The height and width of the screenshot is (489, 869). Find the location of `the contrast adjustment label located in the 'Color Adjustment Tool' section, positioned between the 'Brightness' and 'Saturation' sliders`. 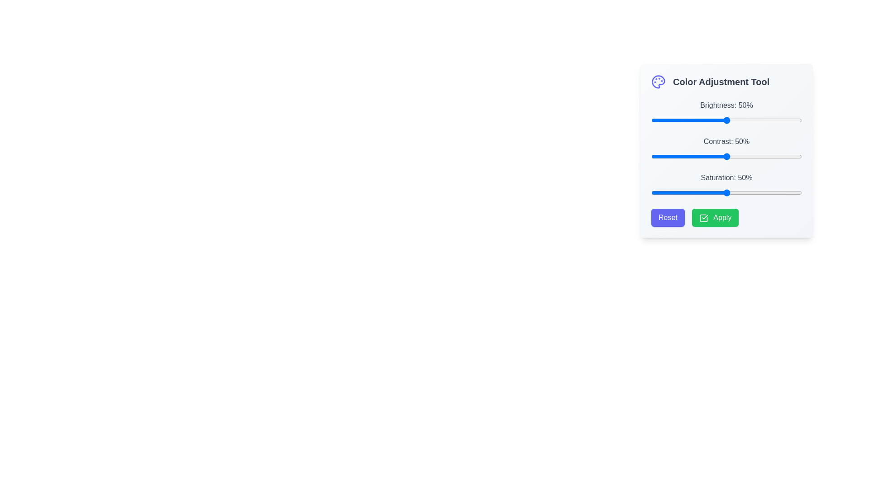

the contrast adjustment label located in the 'Color Adjustment Tool' section, positioned between the 'Brightness' and 'Saturation' sliders is located at coordinates (726, 141).